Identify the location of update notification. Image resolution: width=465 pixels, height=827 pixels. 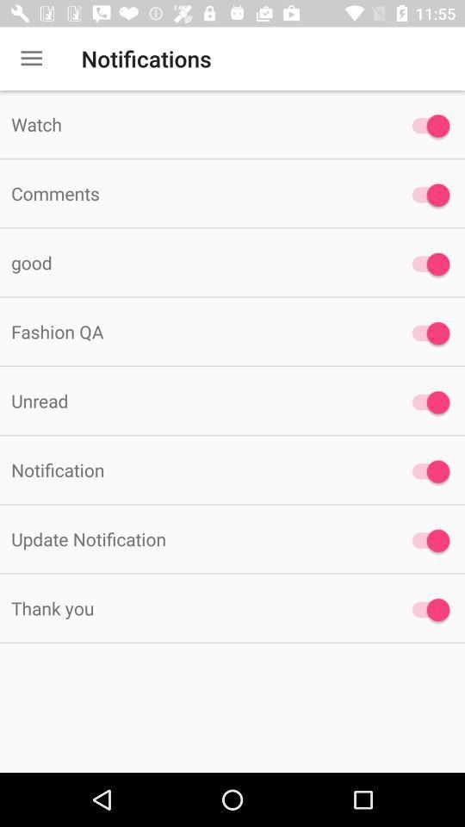
(425, 539).